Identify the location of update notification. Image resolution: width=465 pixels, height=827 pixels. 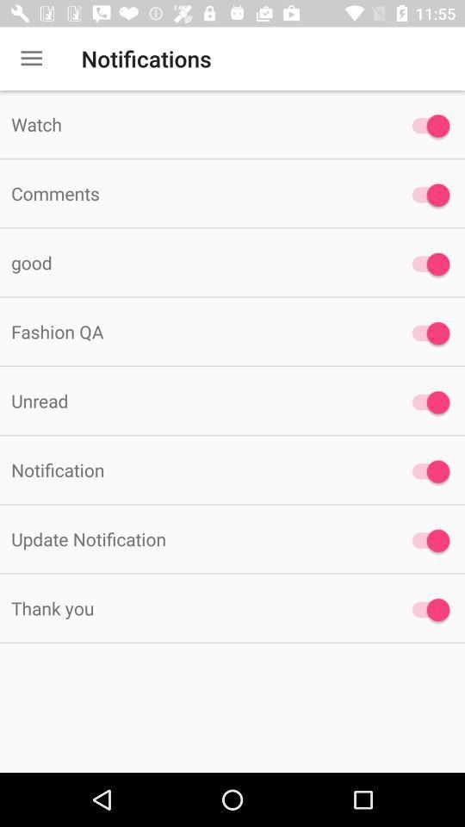
(425, 539).